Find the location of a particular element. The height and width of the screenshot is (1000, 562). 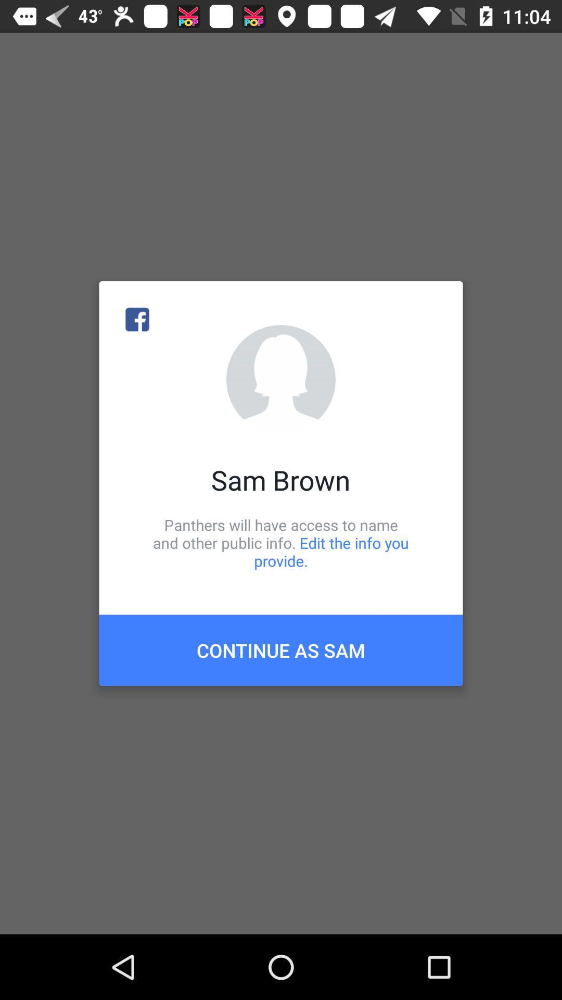

the item below the panthers will have icon is located at coordinates (281, 649).